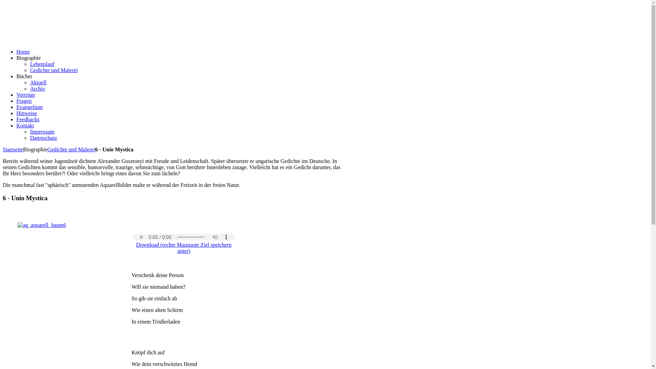 Image resolution: width=656 pixels, height=369 pixels. Describe the element at coordinates (43, 138) in the screenshot. I see `'Datenschutz'` at that location.